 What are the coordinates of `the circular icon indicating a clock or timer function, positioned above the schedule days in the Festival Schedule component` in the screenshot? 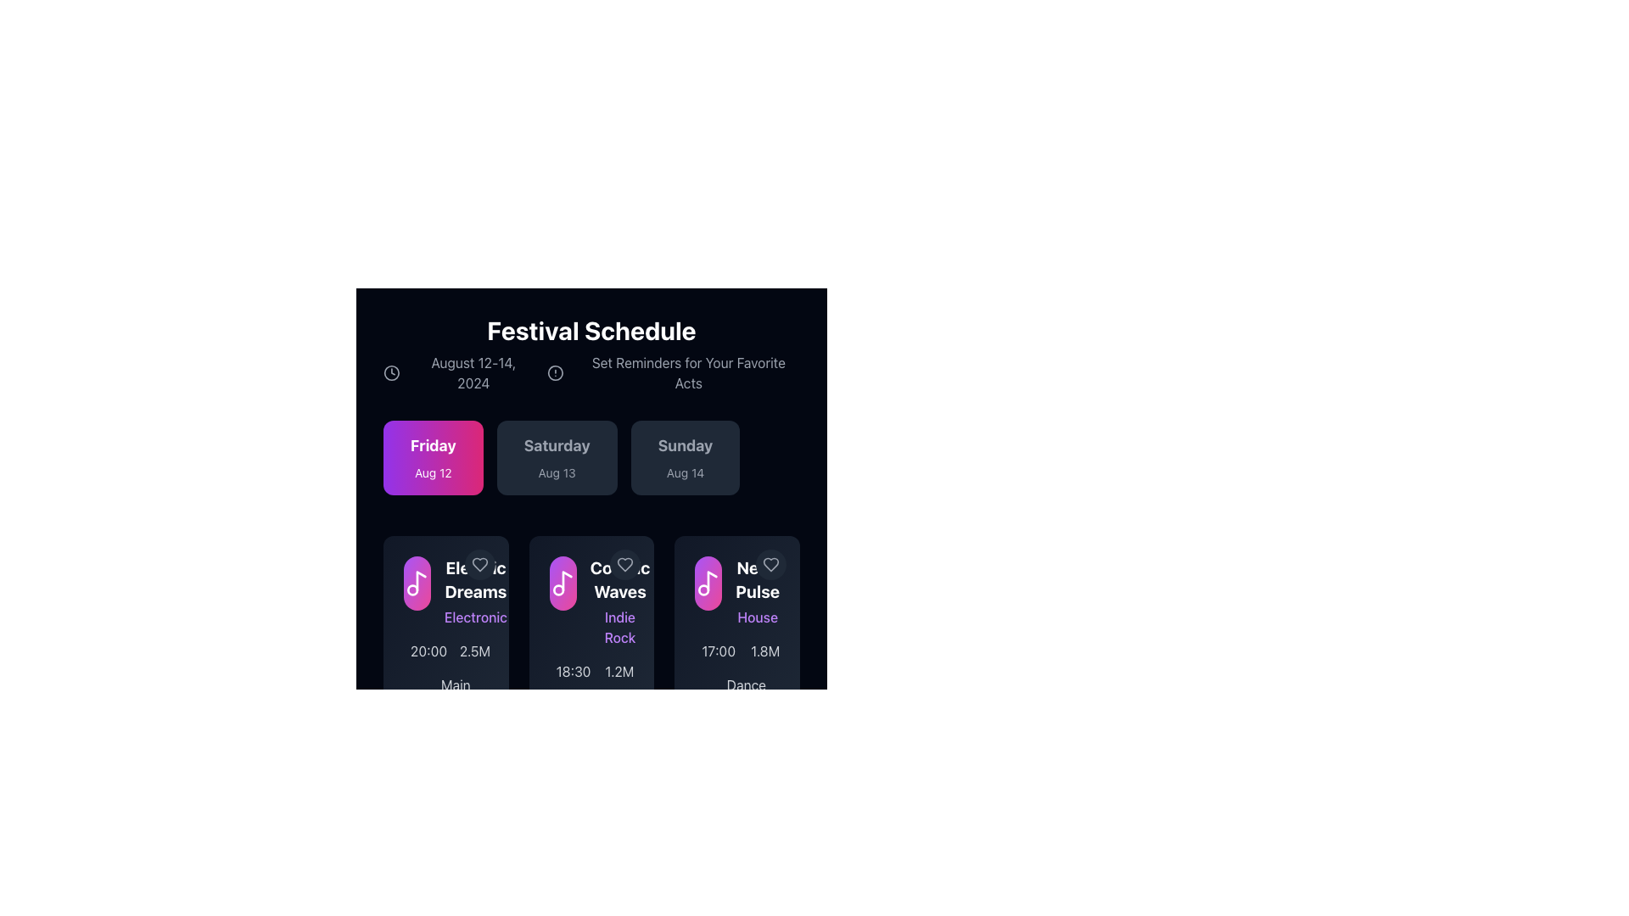 It's located at (390, 371).